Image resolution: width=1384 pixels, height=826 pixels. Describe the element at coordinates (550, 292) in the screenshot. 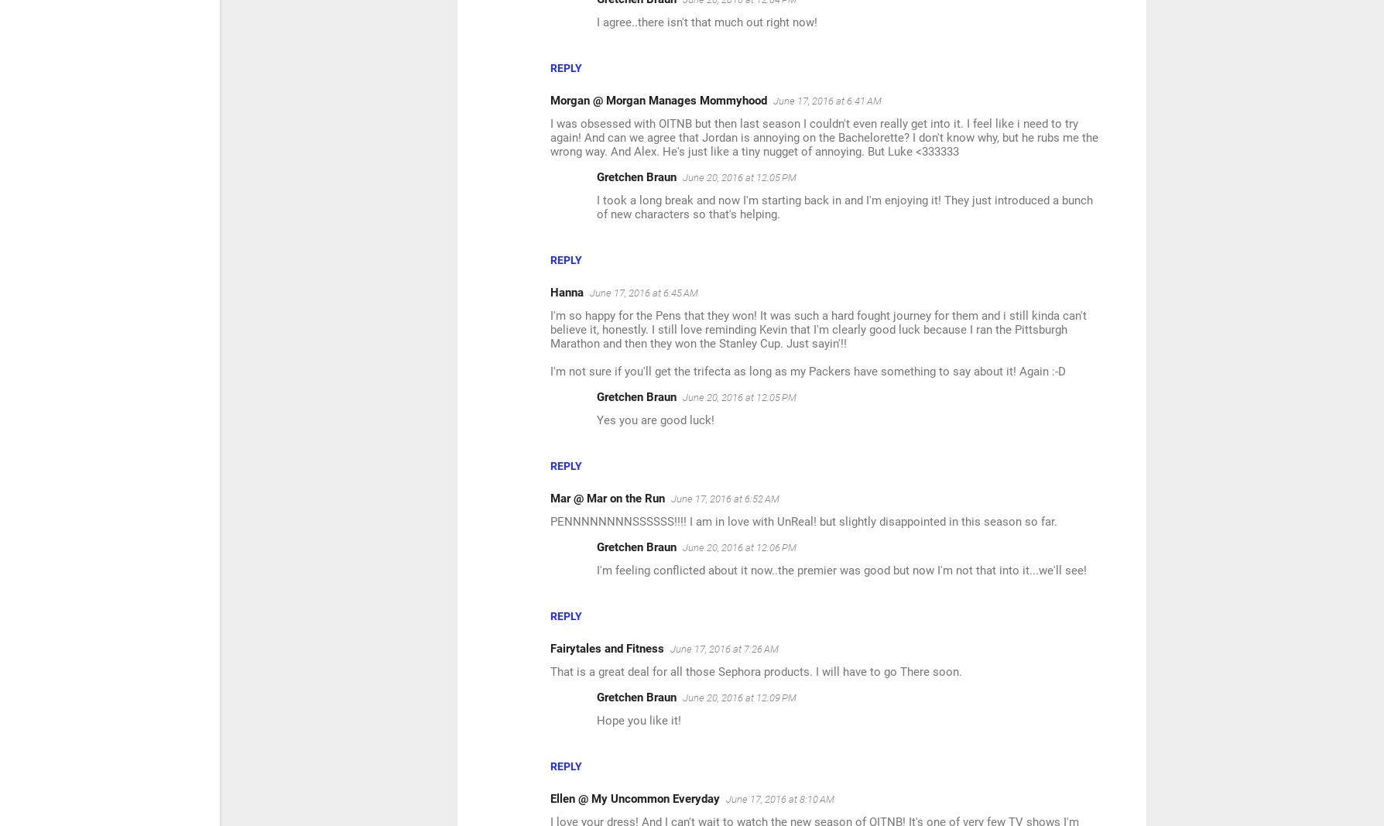

I see `'Hanna'` at that location.